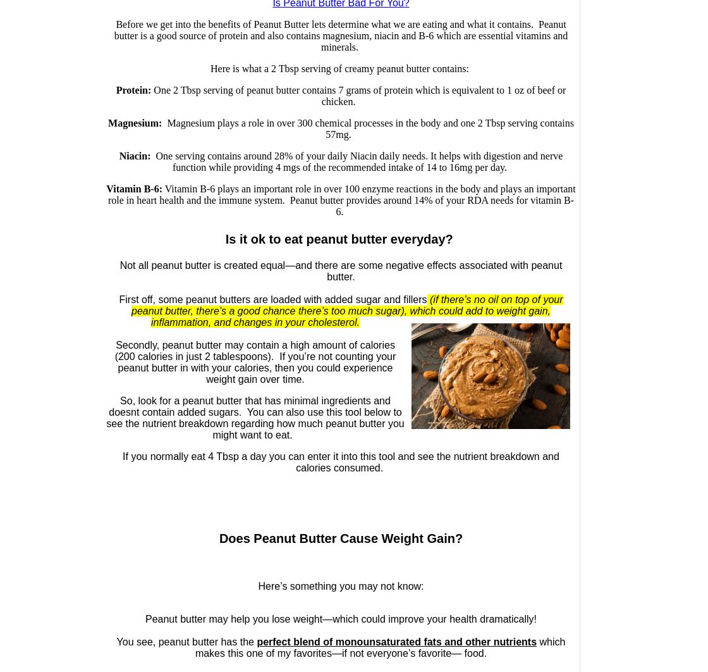  I want to click on 'perfect blend of monounsaturated fats and other nutrients', so click(396, 641).